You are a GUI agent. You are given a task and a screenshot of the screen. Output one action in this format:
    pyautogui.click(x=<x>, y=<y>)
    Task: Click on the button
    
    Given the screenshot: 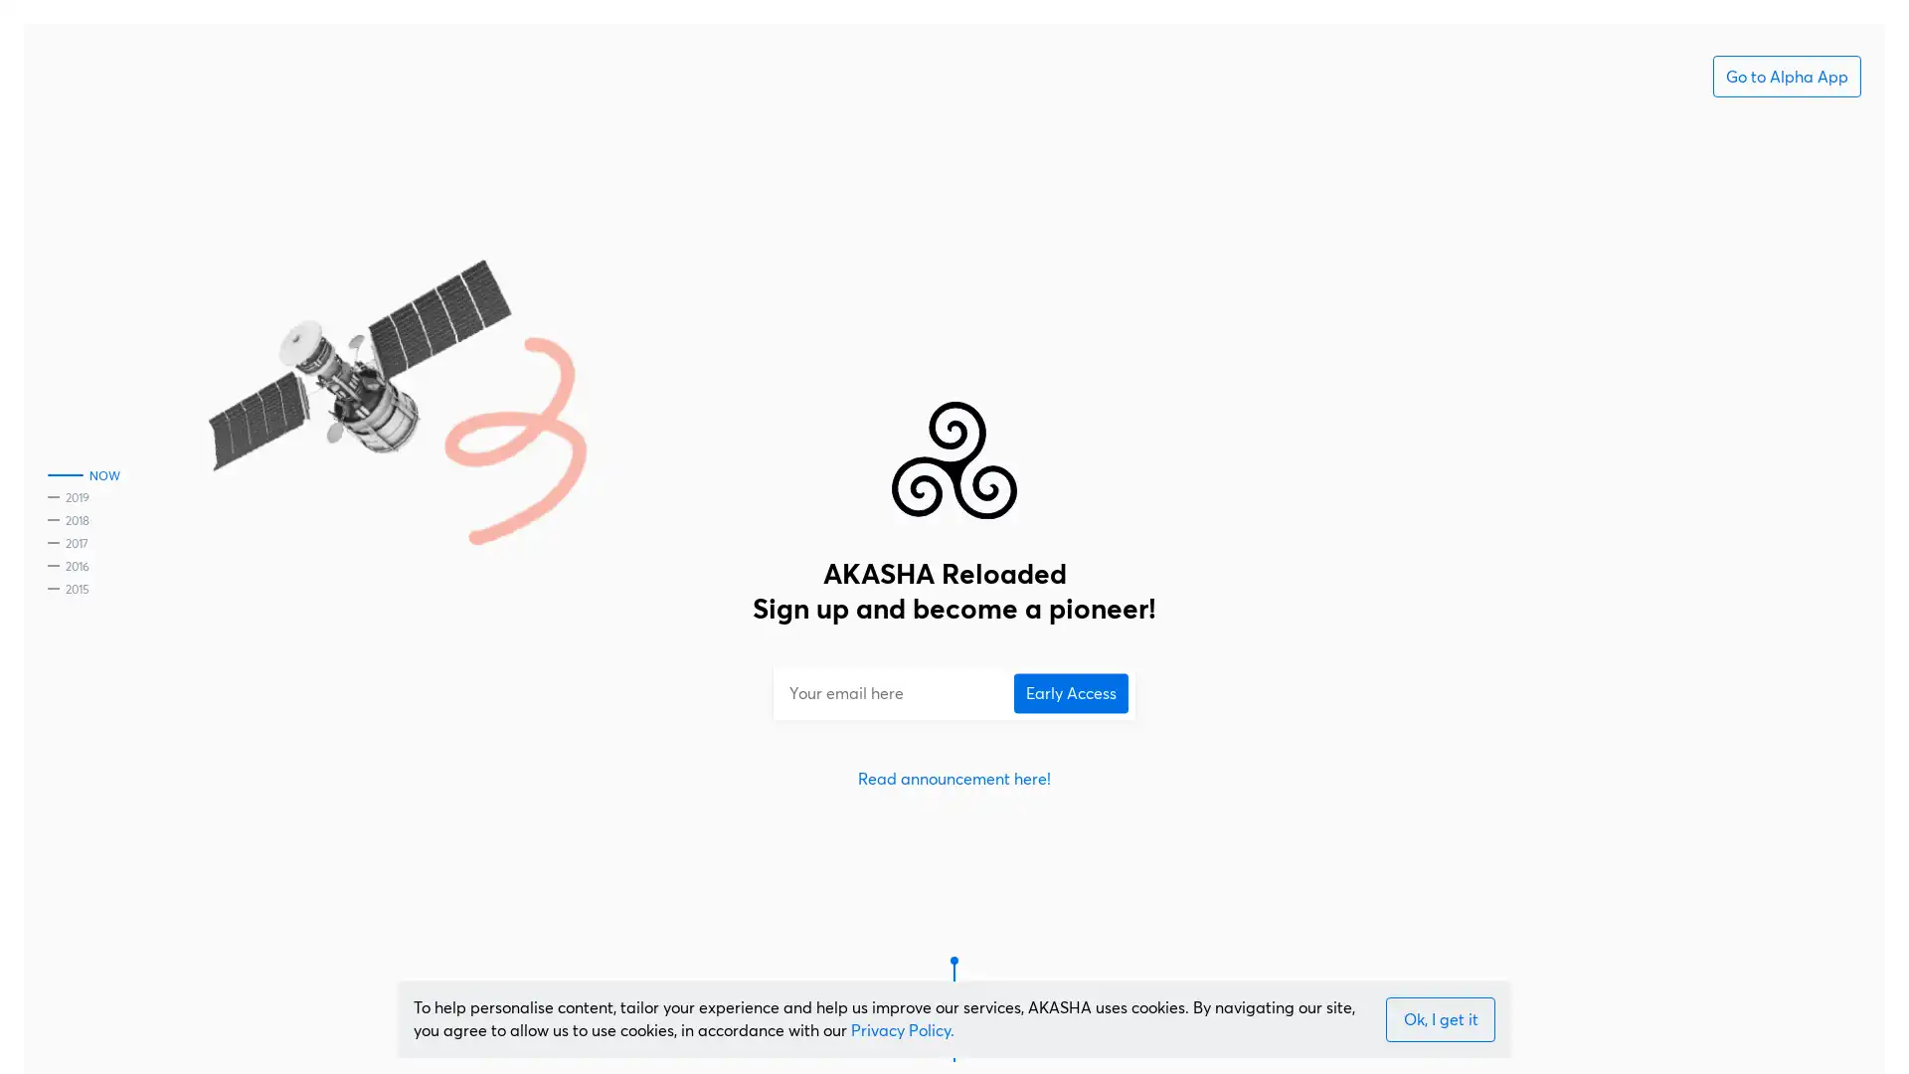 What is the action you would take?
    pyautogui.click(x=1441, y=1019)
    